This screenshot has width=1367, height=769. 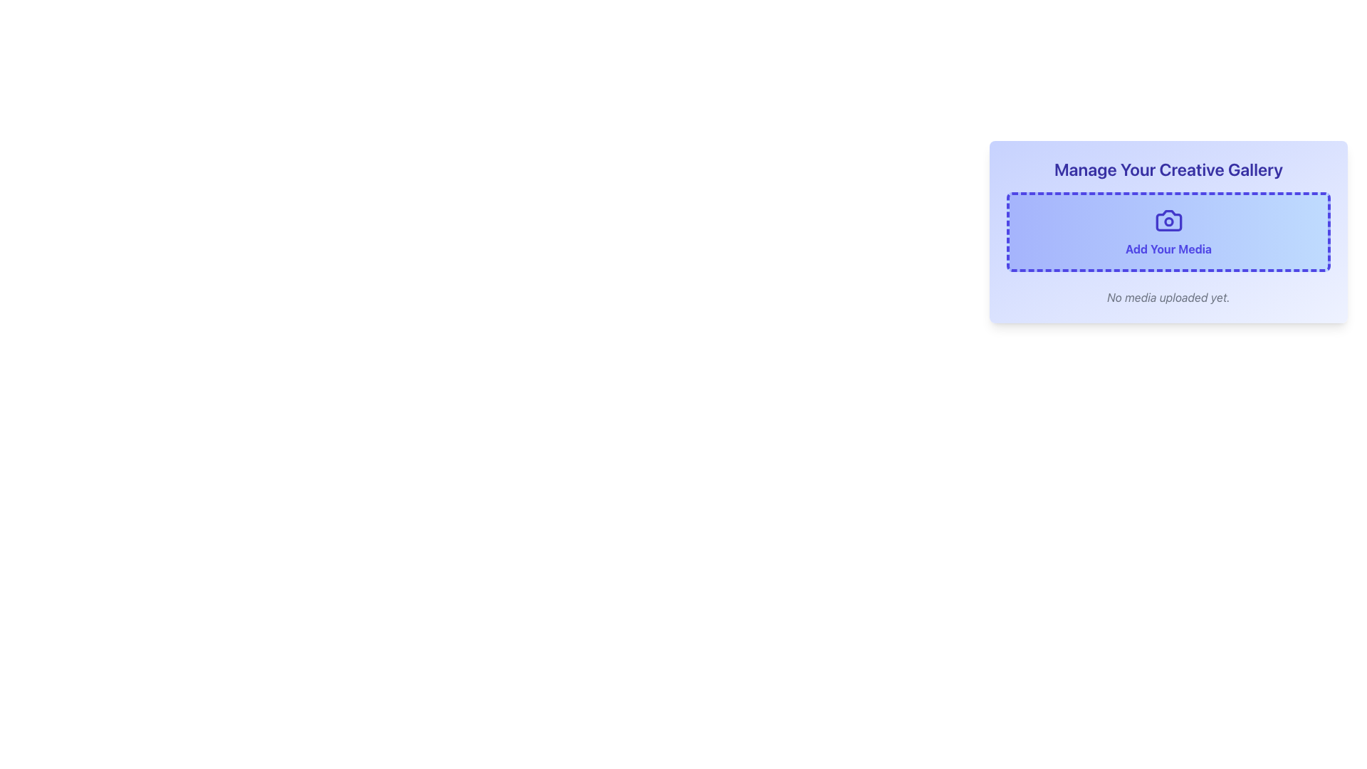 I want to click on the interactive button placeholder labeled 'Add Your Media' with a camera icon, so click(x=1168, y=231).